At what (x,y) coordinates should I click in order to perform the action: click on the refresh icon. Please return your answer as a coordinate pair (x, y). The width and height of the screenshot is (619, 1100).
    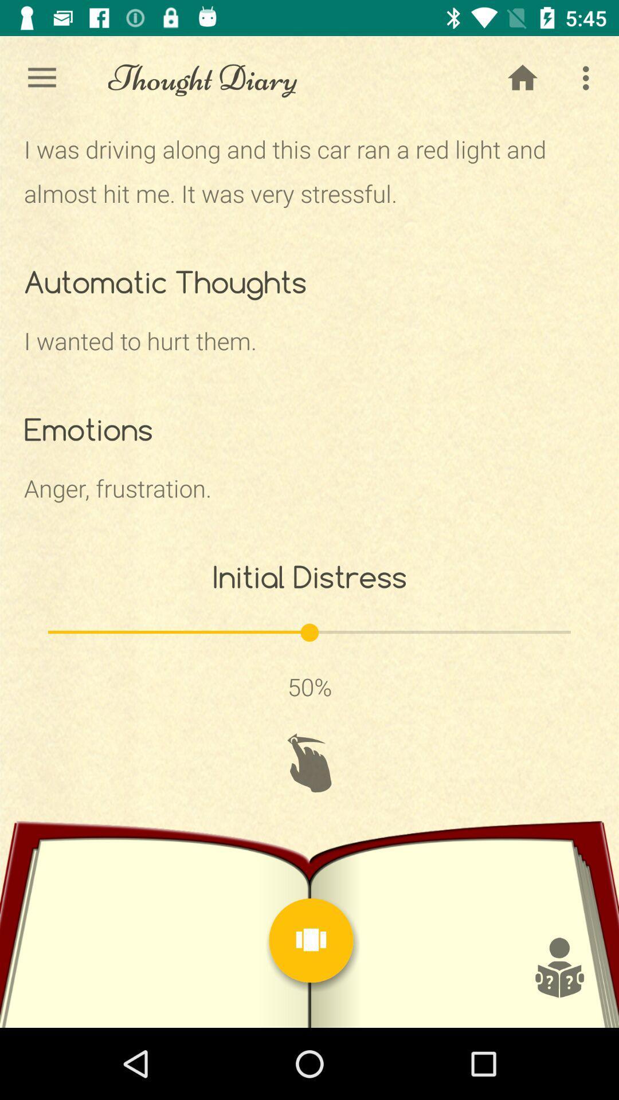
    Looking at the image, I should click on (309, 763).